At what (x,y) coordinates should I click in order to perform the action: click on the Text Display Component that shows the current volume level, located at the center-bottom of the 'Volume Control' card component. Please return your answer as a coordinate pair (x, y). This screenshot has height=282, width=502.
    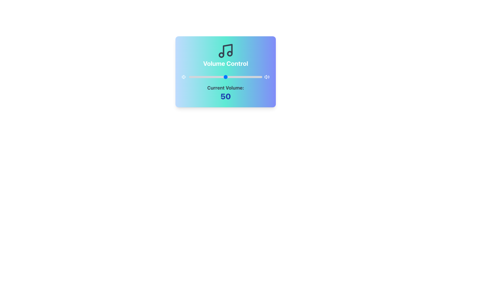
    Looking at the image, I should click on (226, 92).